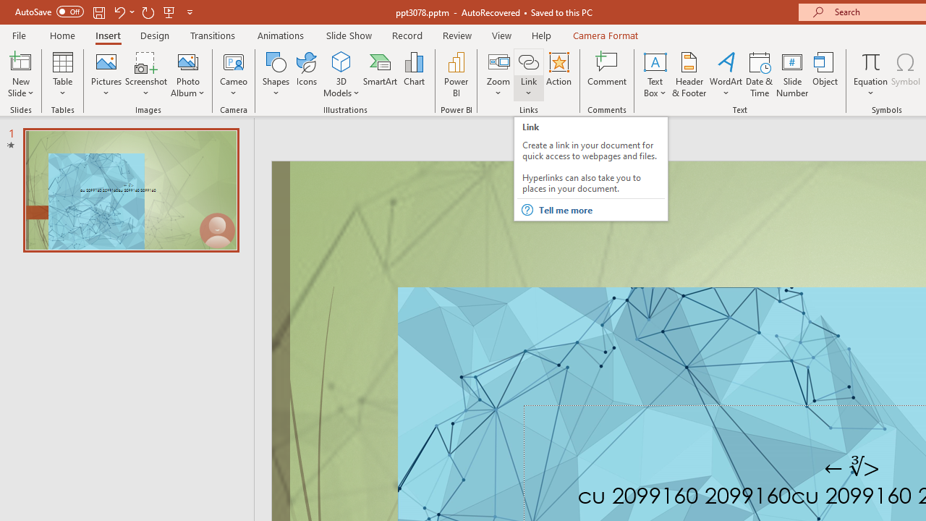 The width and height of the screenshot is (926, 521). Describe the element at coordinates (281, 35) in the screenshot. I see `'Animations'` at that location.